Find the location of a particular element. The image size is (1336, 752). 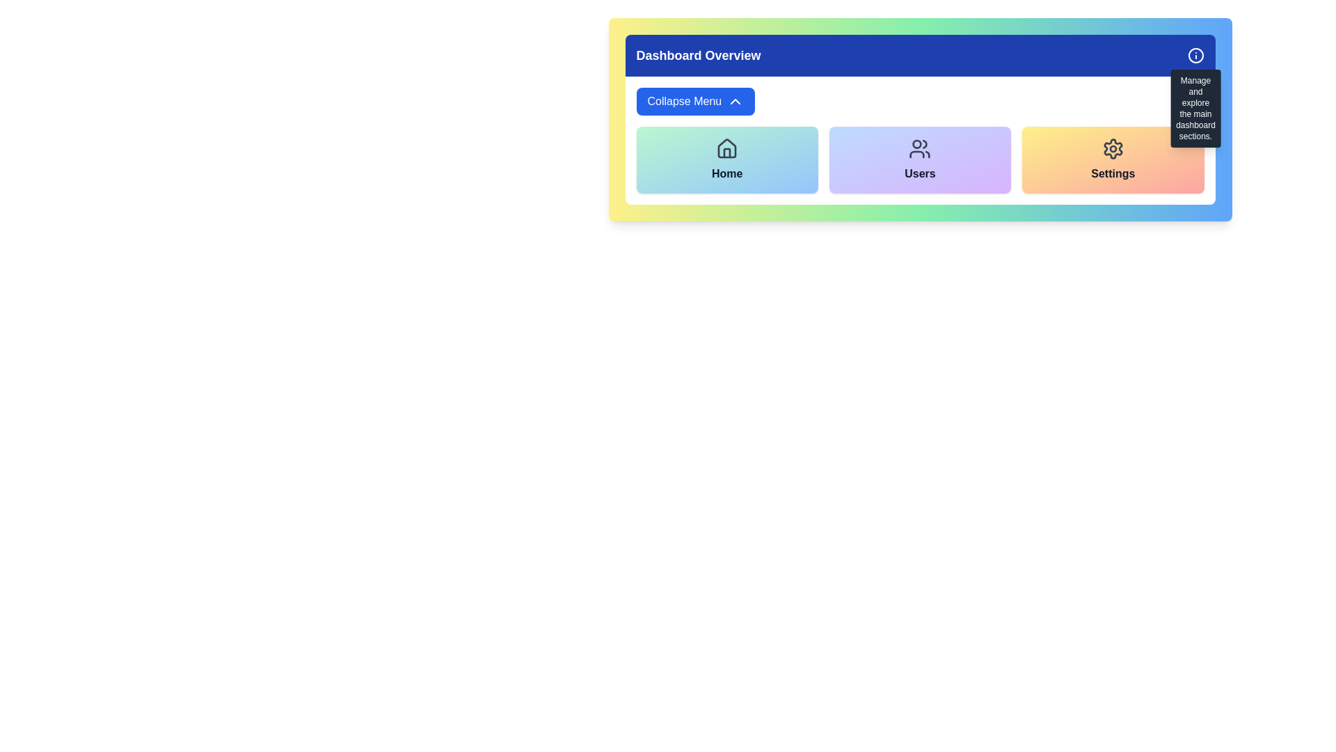

the settings icon located at the center of the 'Settings' card, which is the rightmost card in a group of four cards, above the text 'Settings' is located at coordinates (1112, 148).